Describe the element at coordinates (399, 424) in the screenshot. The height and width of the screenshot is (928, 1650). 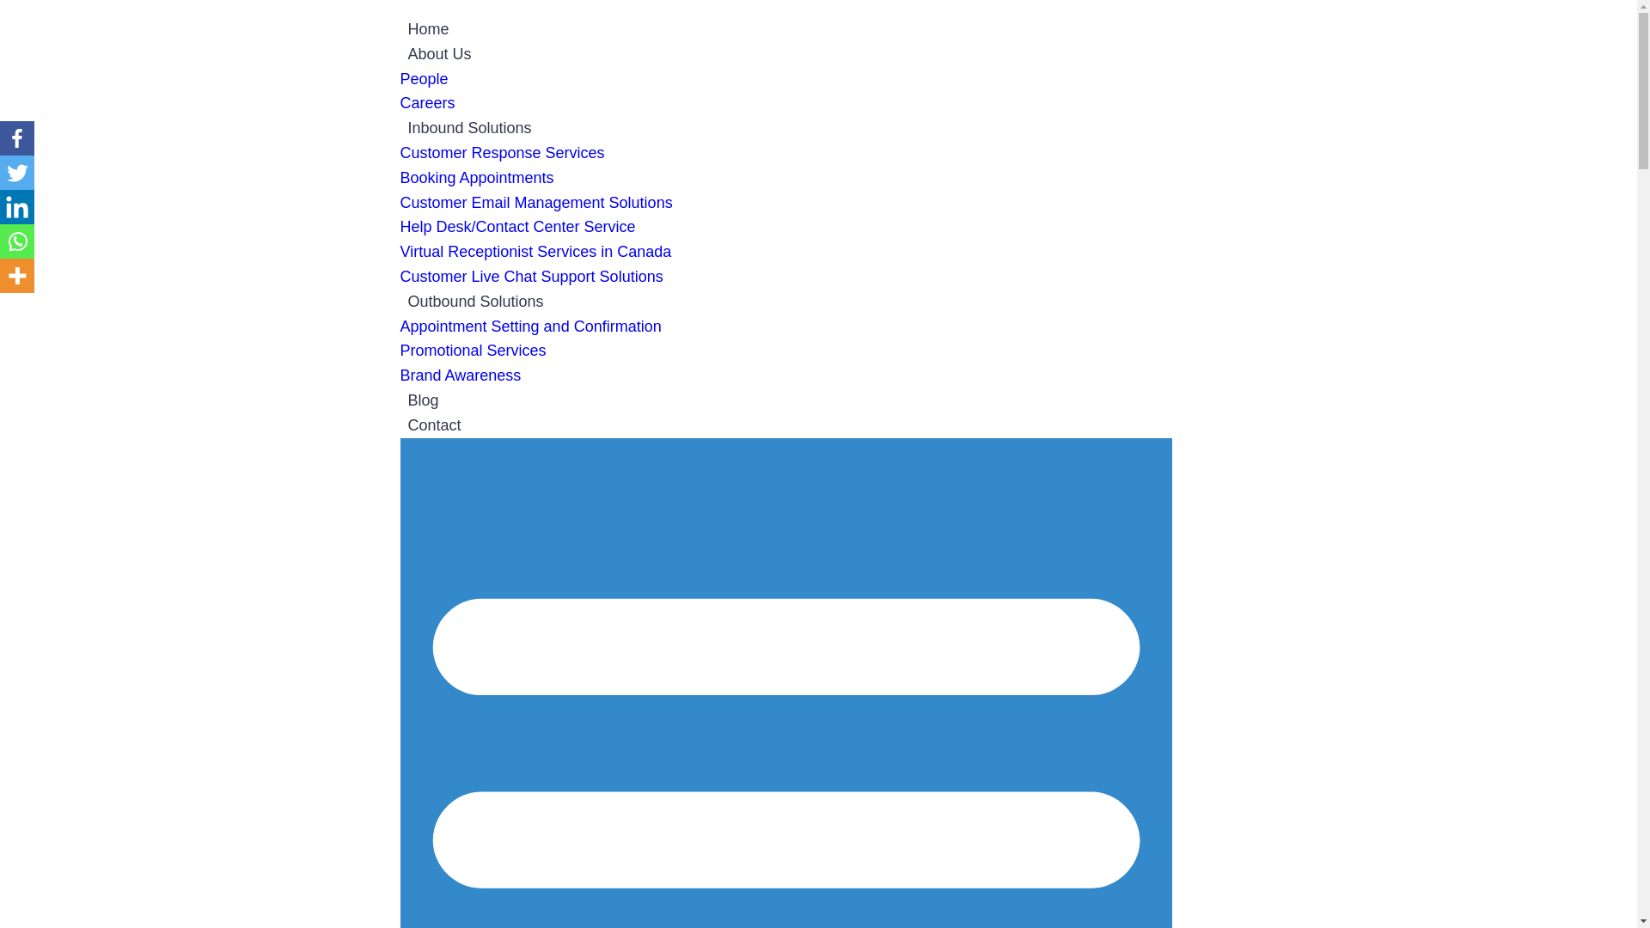
I see `'Contact'` at that location.